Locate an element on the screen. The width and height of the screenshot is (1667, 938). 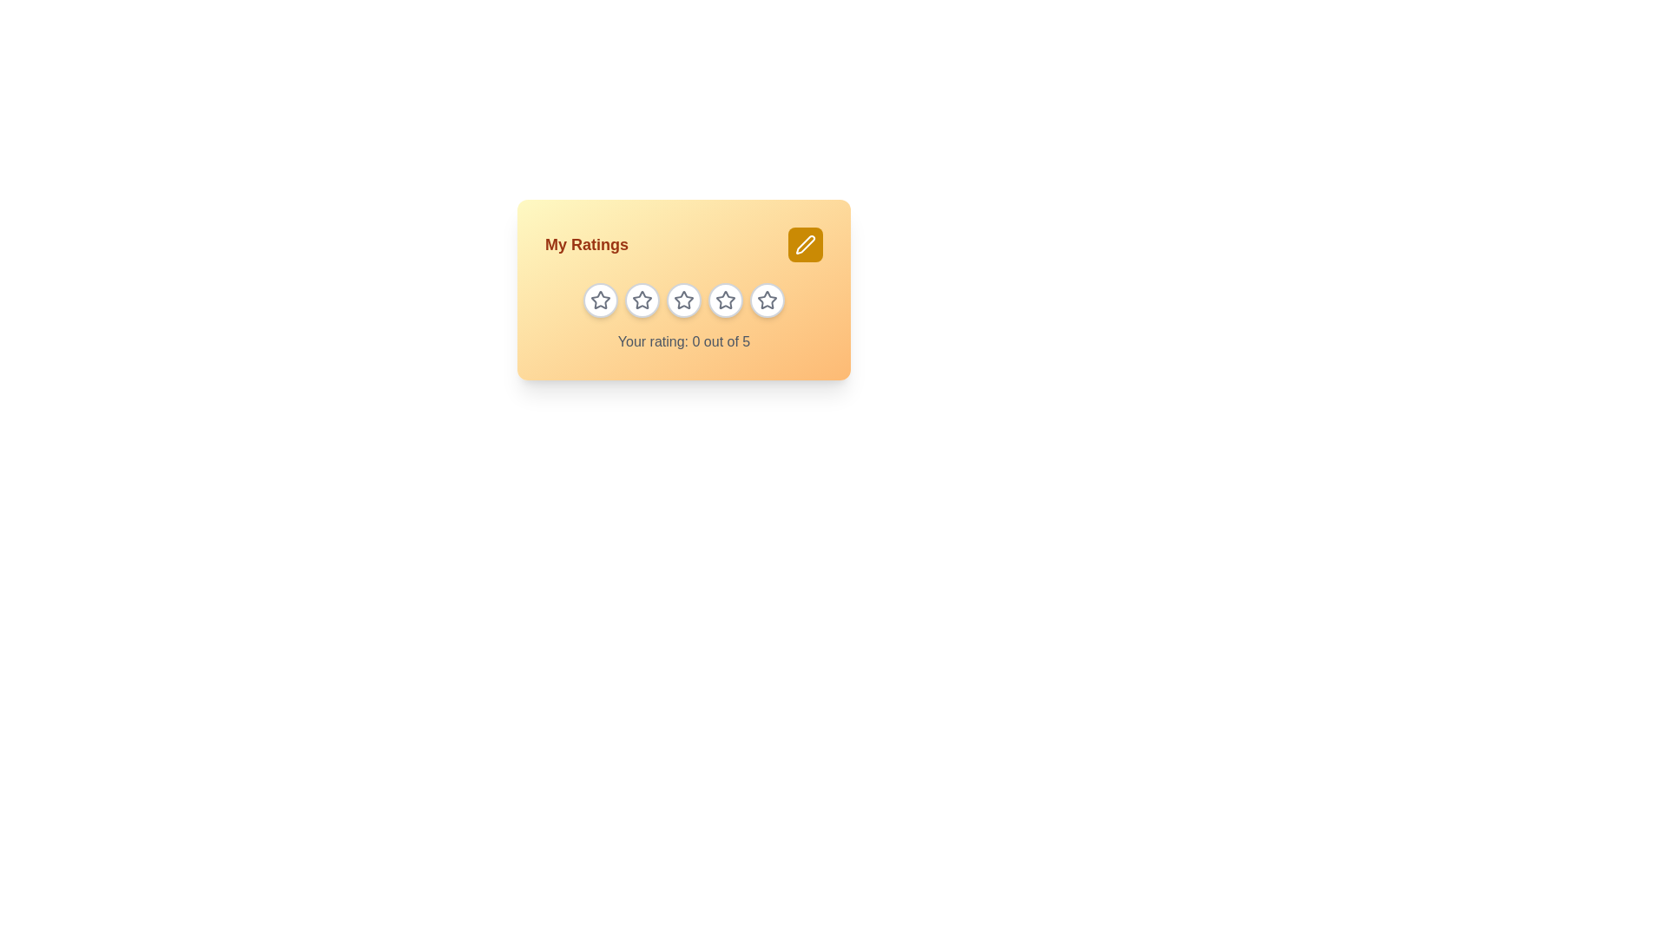
the third star icon within the 'My Ratings' component to rate it is located at coordinates (682, 300).